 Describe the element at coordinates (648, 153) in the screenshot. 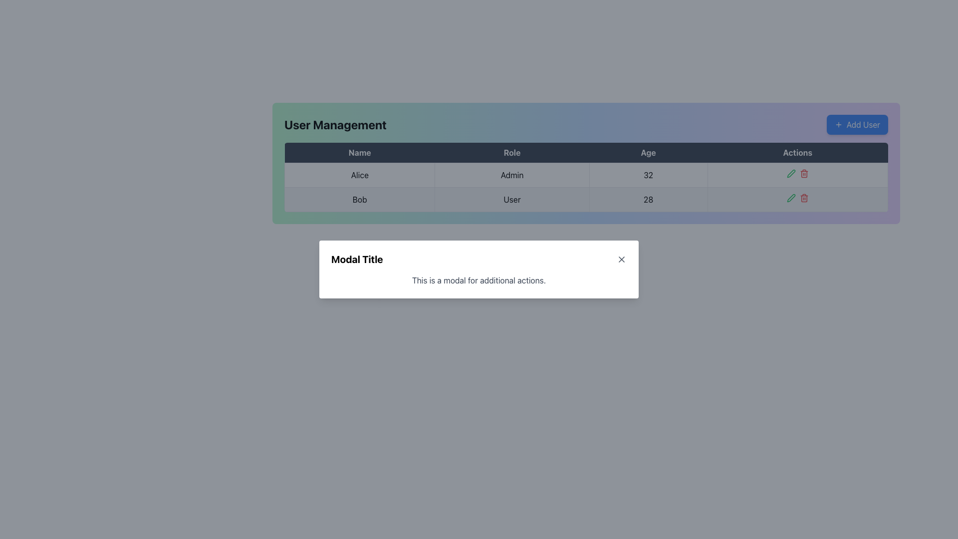

I see `the 'Age' column header text label, which is the third label in the header row between 'Role' and 'Actions'` at that location.